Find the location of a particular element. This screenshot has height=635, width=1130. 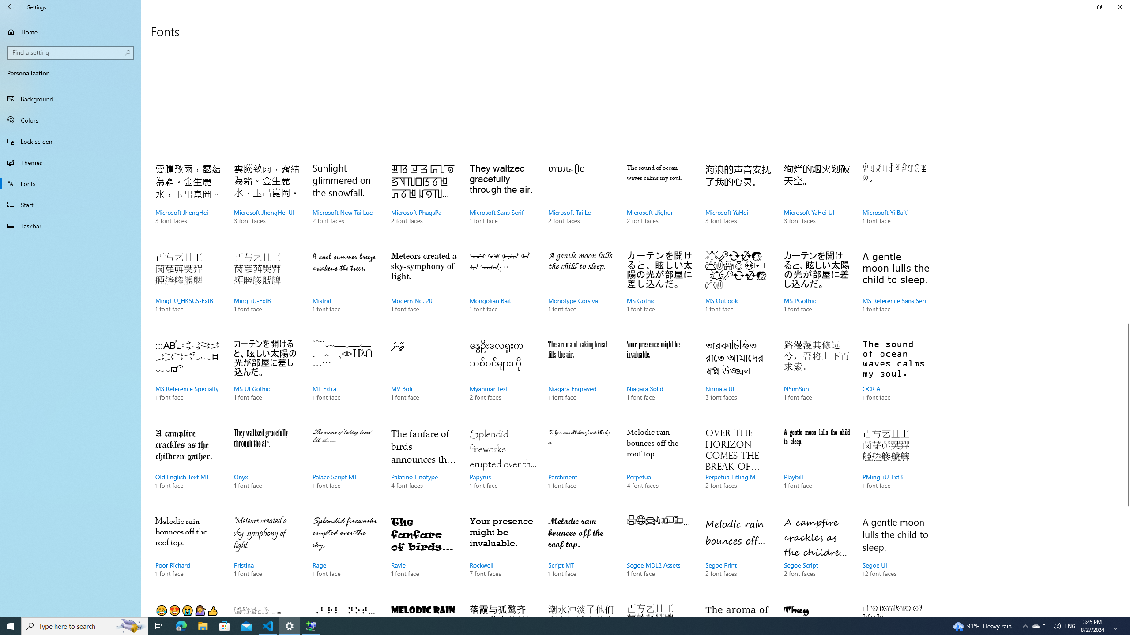

'Segoe UI Historic, 1 font face' is located at coordinates (266, 608).